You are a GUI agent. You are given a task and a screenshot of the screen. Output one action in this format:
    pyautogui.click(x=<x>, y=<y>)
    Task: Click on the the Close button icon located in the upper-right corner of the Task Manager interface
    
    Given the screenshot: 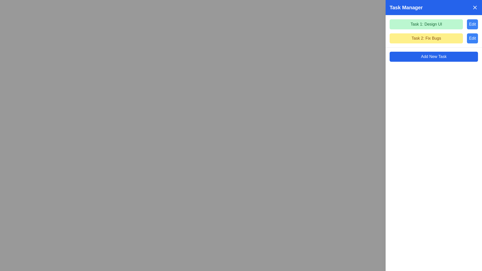 What is the action you would take?
    pyautogui.click(x=474, y=8)
    